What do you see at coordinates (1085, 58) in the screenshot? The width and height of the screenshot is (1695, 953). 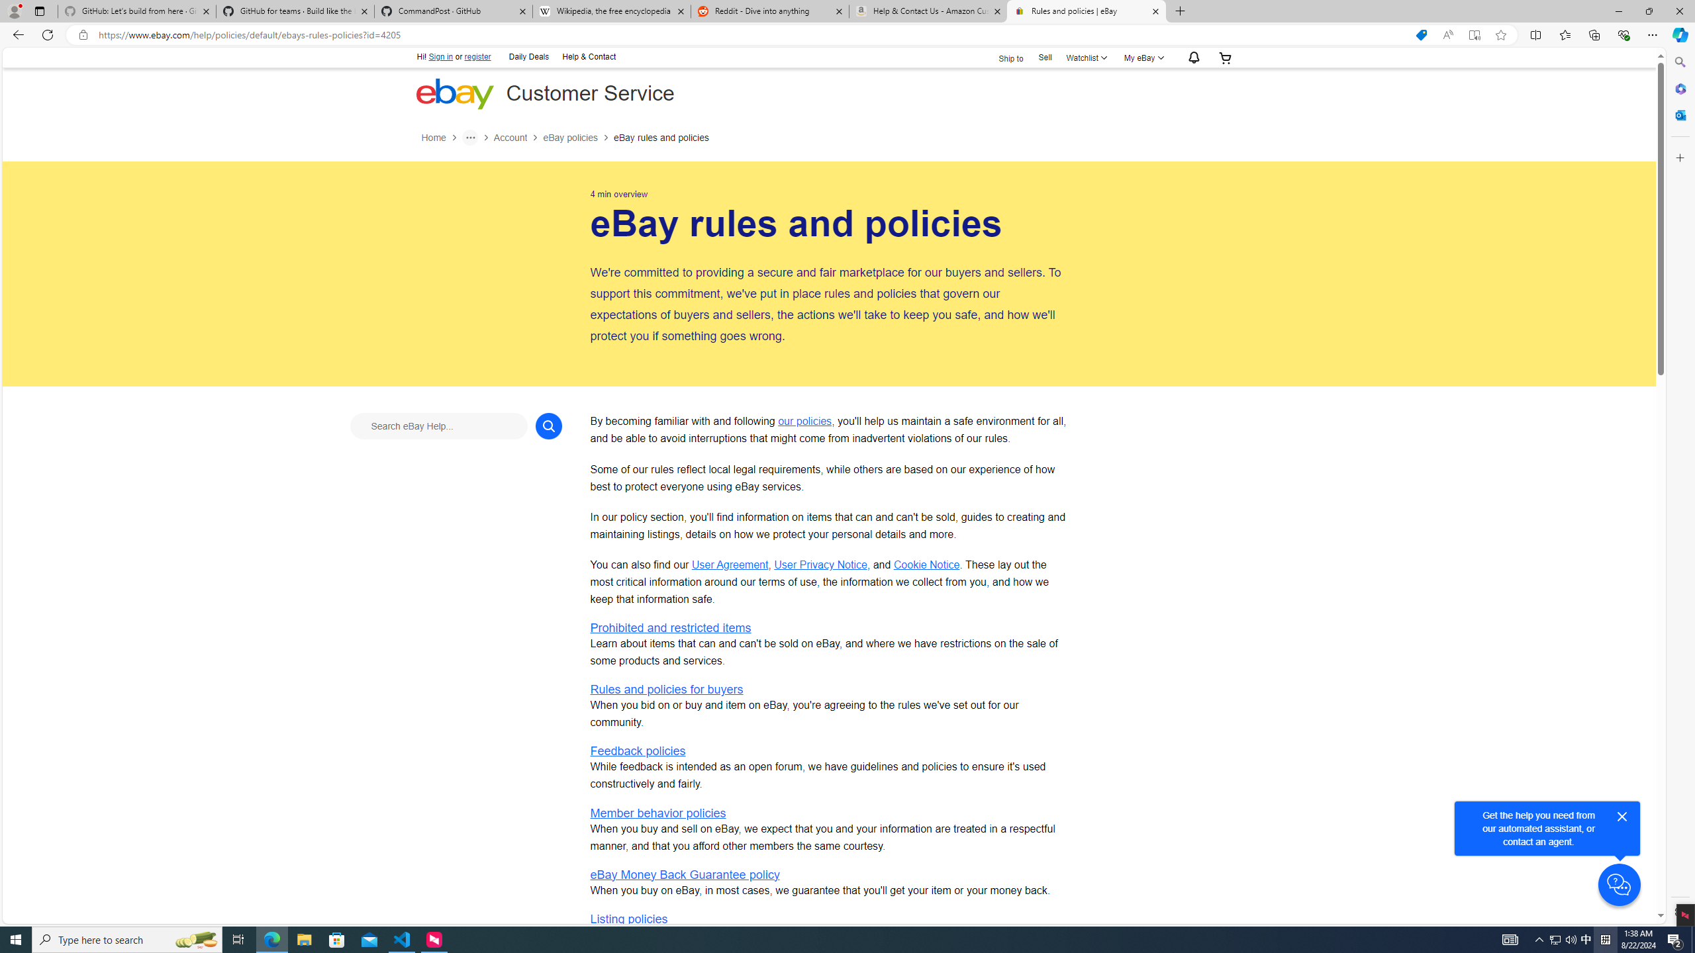 I see `'WatchlistExpand Watch List'` at bounding box center [1085, 58].